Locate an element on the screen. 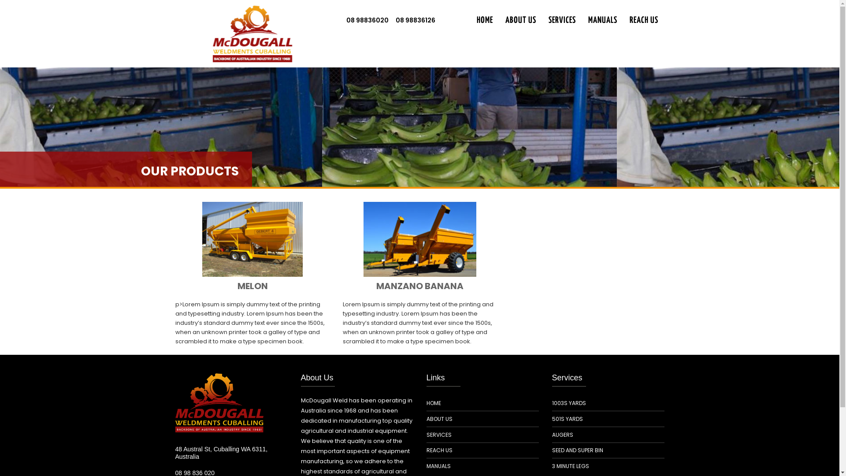  'SEED AND SUPER BIN' is located at coordinates (577, 450).